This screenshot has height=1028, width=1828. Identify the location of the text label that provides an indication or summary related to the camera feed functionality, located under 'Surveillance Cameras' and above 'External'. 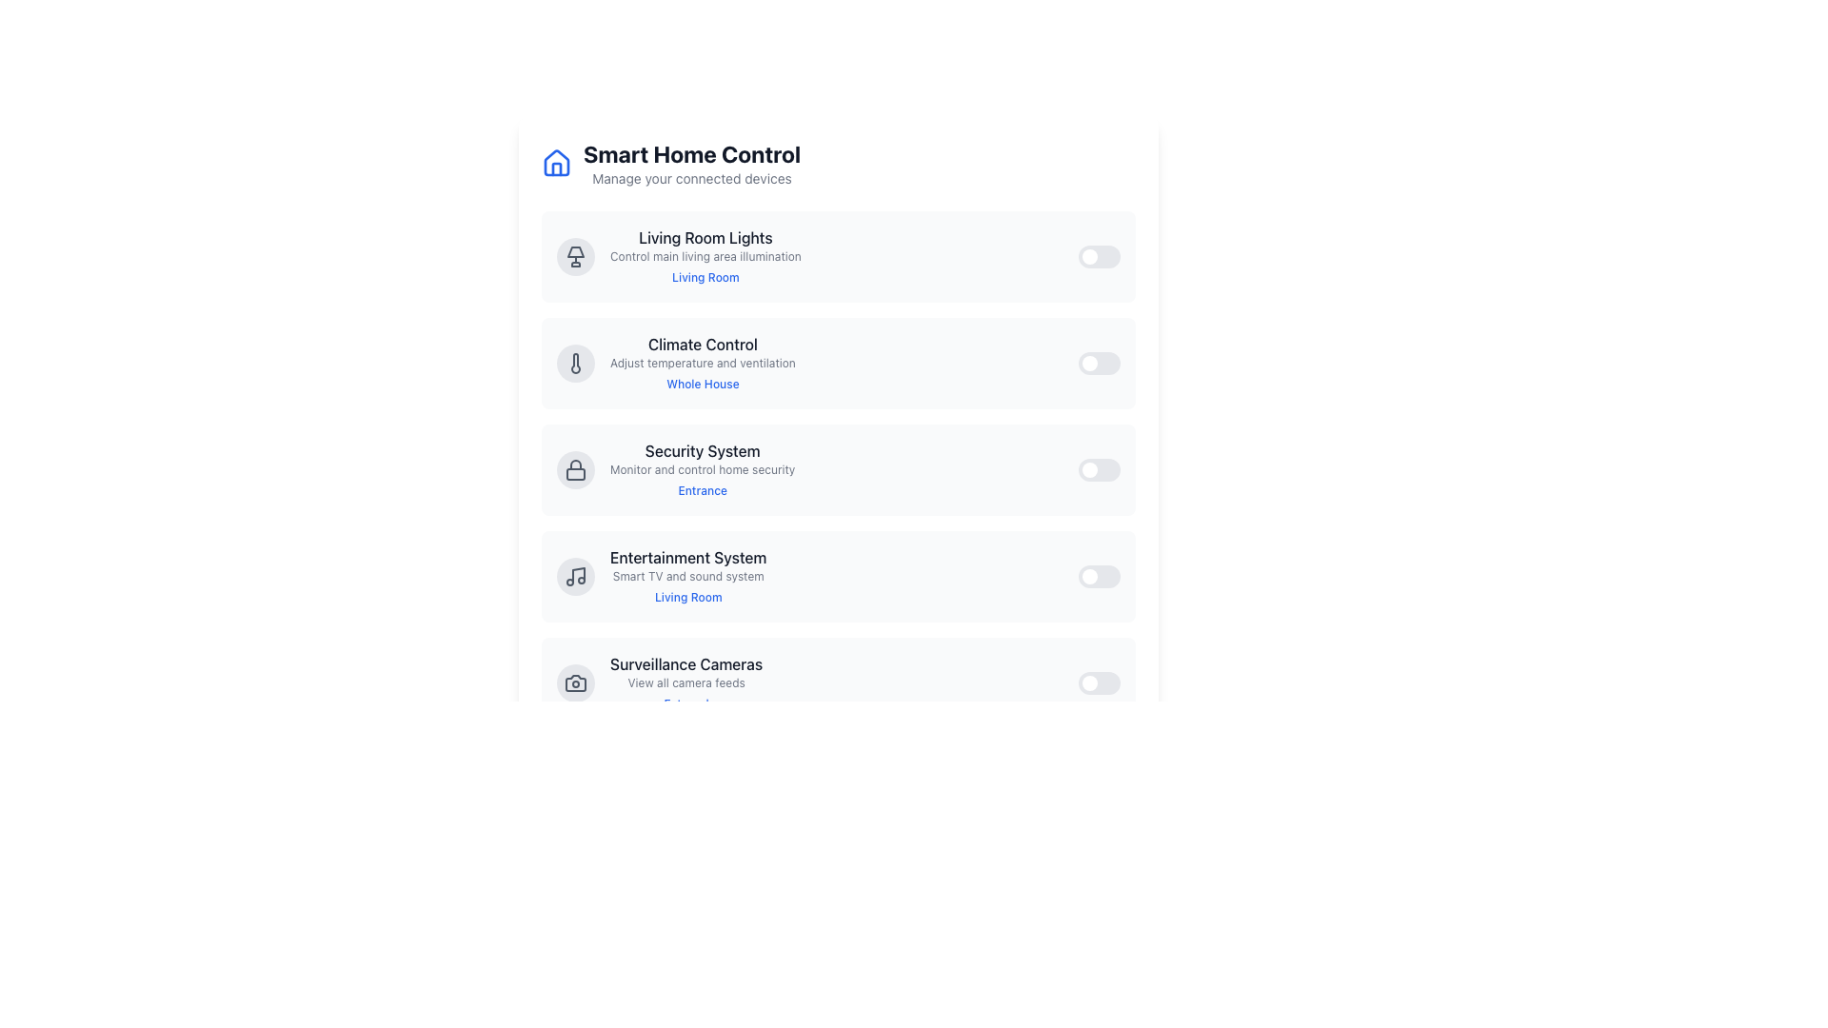
(685, 682).